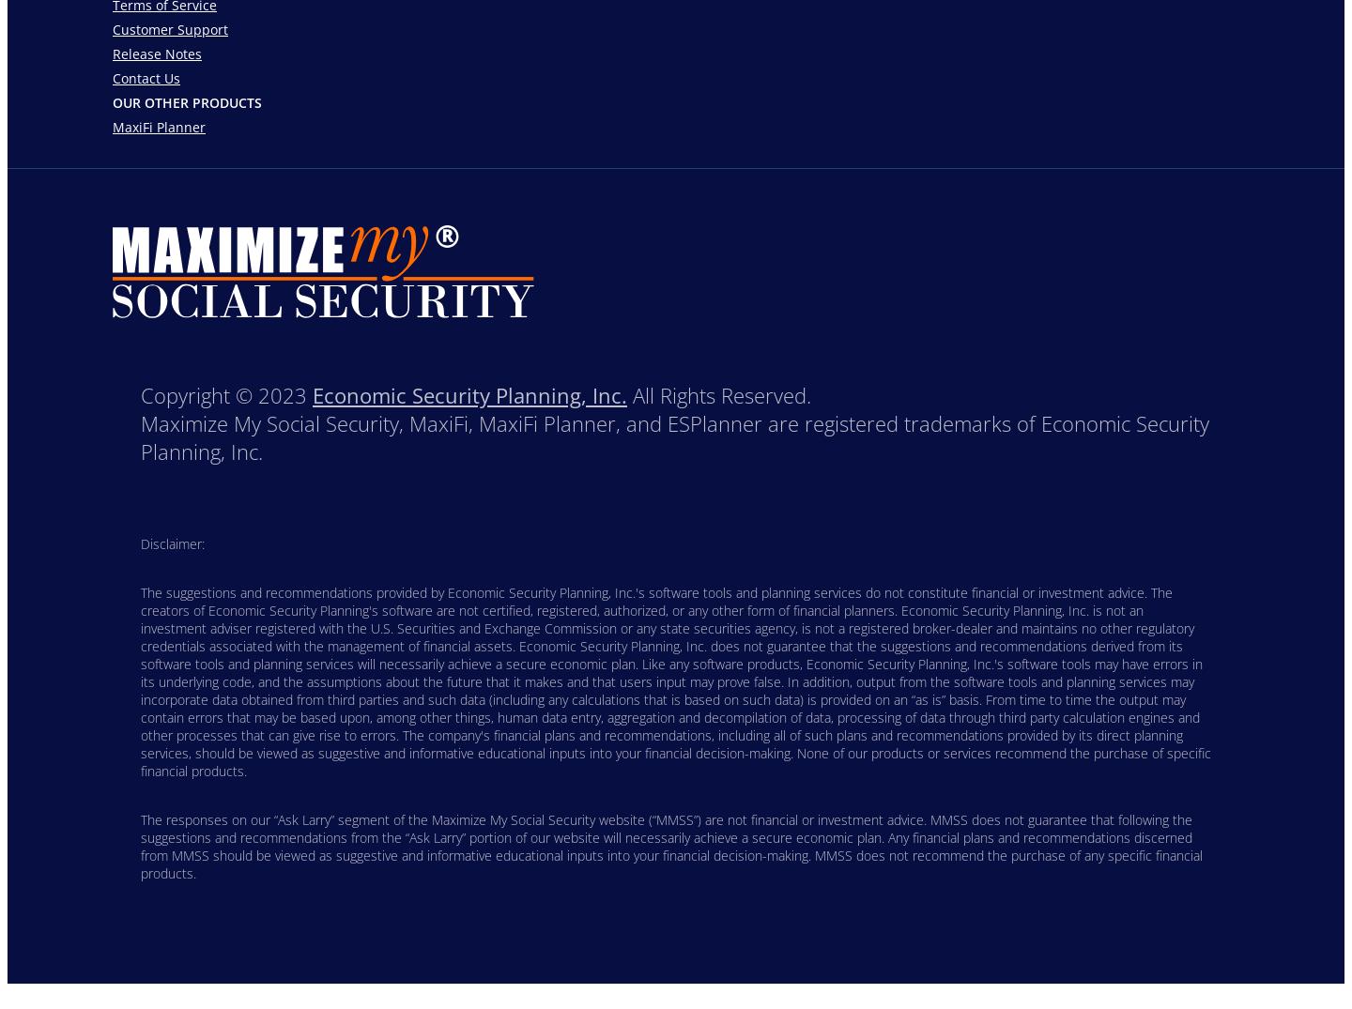 Image resolution: width=1352 pixels, height=1009 pixels. I want to click on 'MaxiFi Planner', so click(158, 126).